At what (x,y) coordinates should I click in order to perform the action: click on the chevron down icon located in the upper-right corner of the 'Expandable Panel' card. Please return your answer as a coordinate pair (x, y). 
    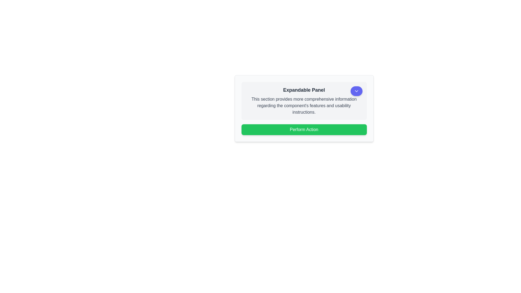
    Looking at the image, I should click on (356, 91).